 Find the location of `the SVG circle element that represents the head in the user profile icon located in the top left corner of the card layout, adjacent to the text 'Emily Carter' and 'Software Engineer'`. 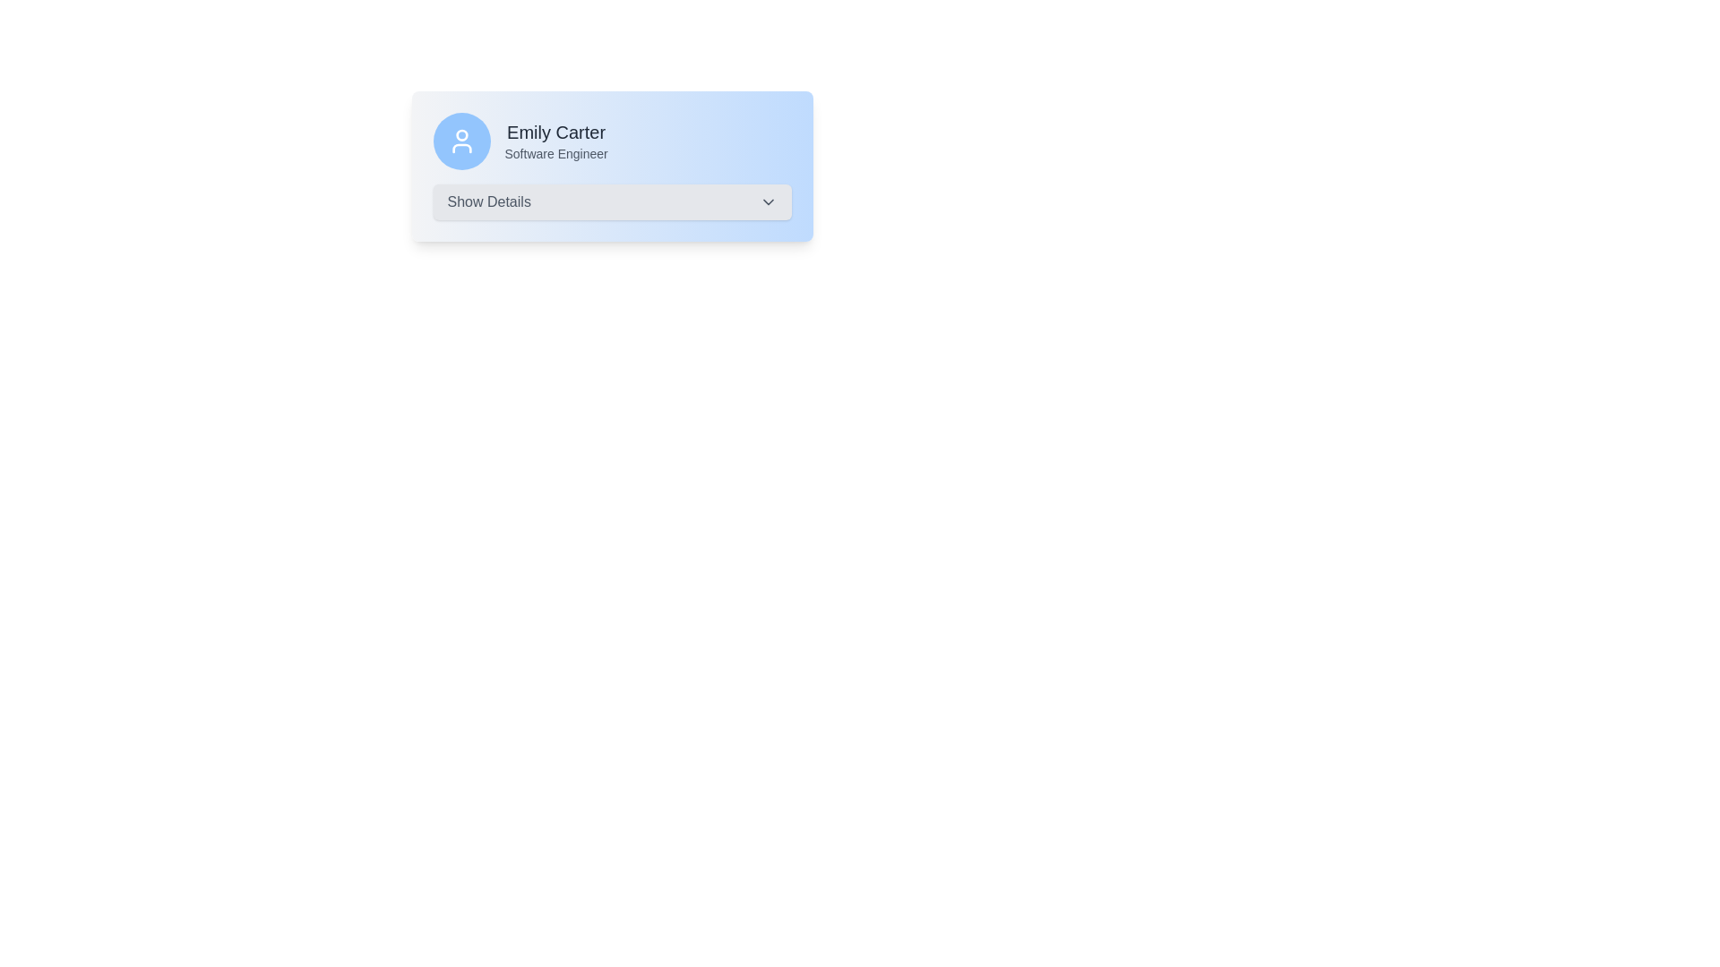

the SVG circle element that represents the head in the user profile icon located in the top left corner of the card layout, adjacent to the text 'Emily Carter' and 'Software Engineer' is located at coordinates (461, 134).